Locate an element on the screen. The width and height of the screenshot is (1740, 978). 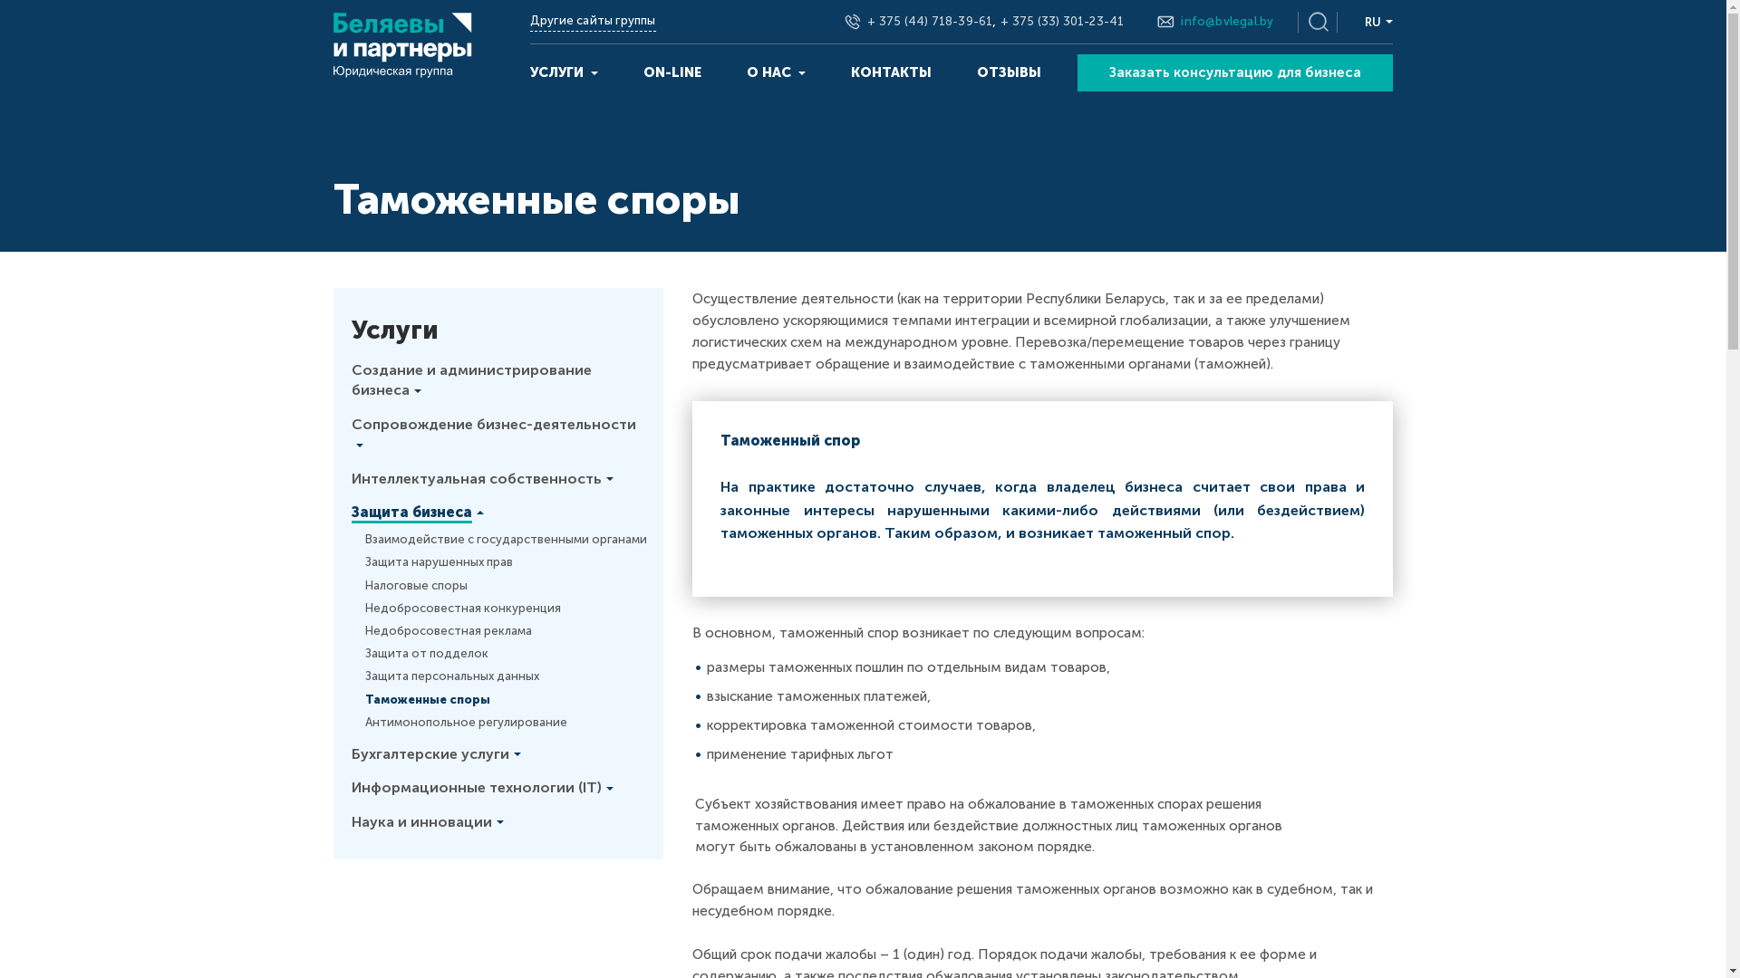
'RU' is located at coordinates (1377, 21).